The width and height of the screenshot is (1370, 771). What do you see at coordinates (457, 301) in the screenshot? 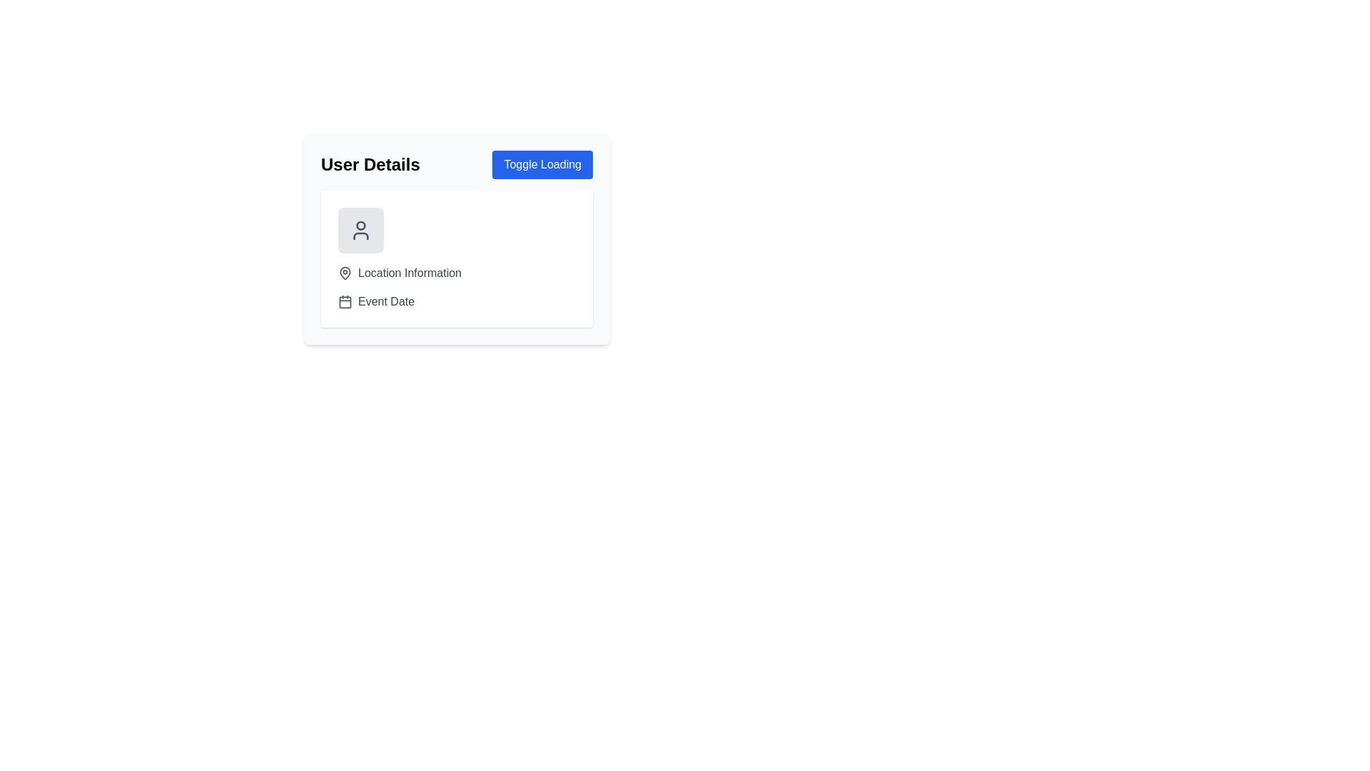
I see `the 'Event Date' Text with Icon Row` at bounding box center [457, 301].